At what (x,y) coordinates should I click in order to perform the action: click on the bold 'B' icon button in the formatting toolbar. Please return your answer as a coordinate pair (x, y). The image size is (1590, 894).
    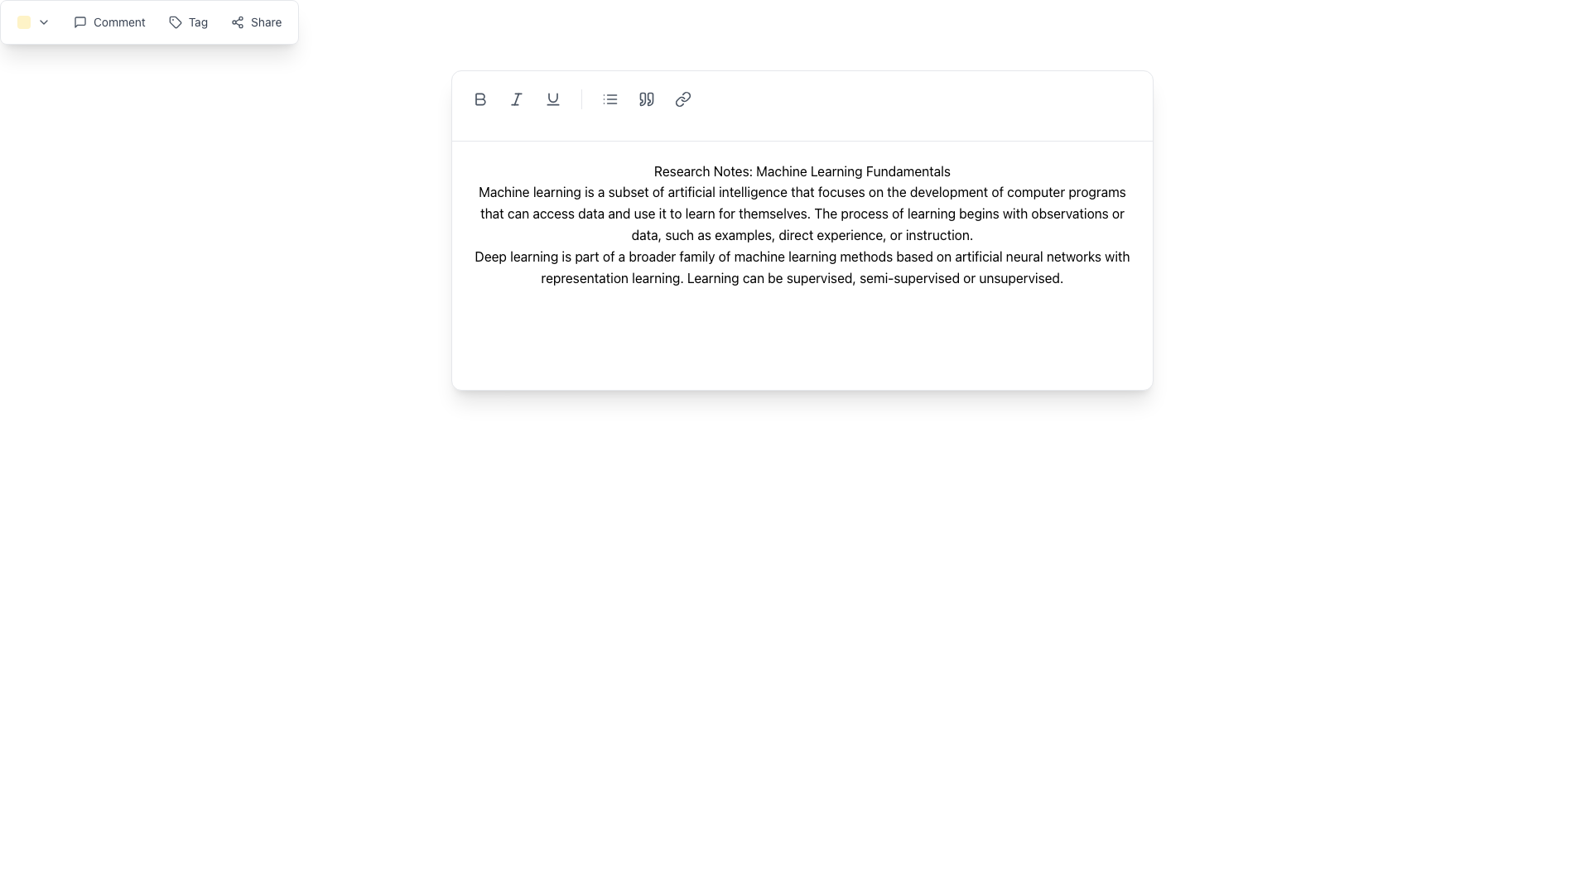
    Looking at the image, I should click on (479, 99).